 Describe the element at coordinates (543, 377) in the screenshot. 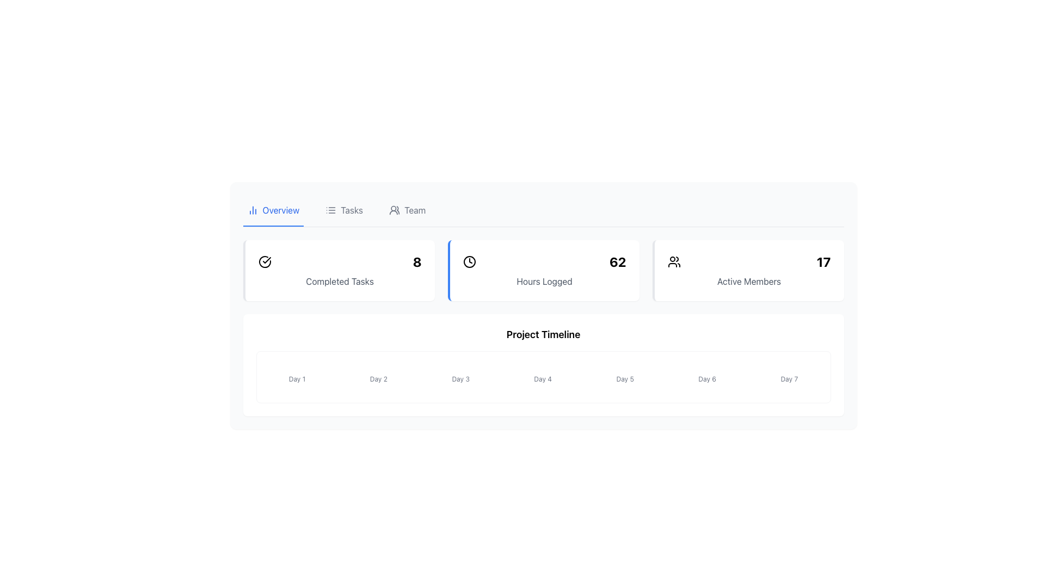

I see `the information displayed in the fourth day label of the project timeline, which shows progress or activities scheduled for this day` at that location.